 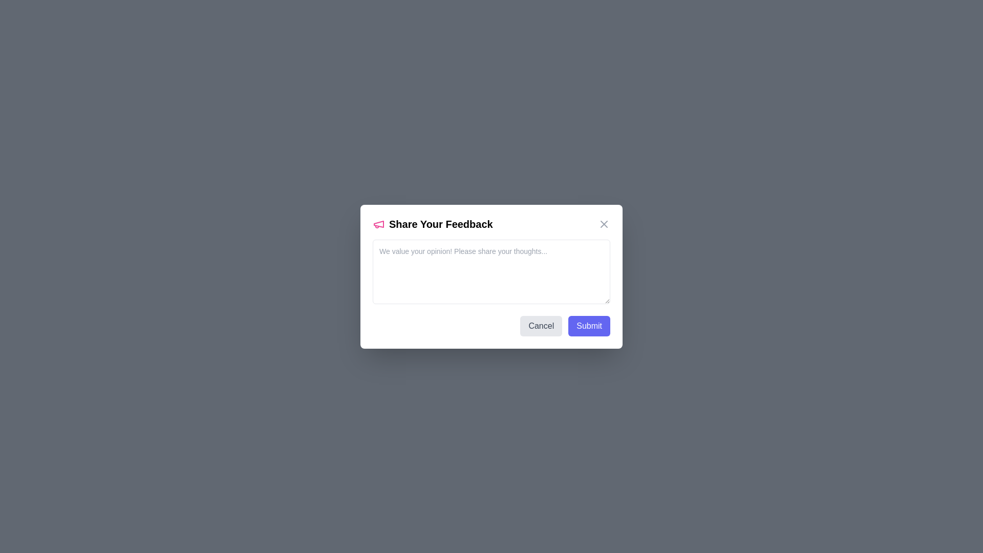 What do you see at coordinates (540, 326) in the screenshot?
I see `the 'Cancel' button to close the feedback dialog` at bounding box center [540, 326].